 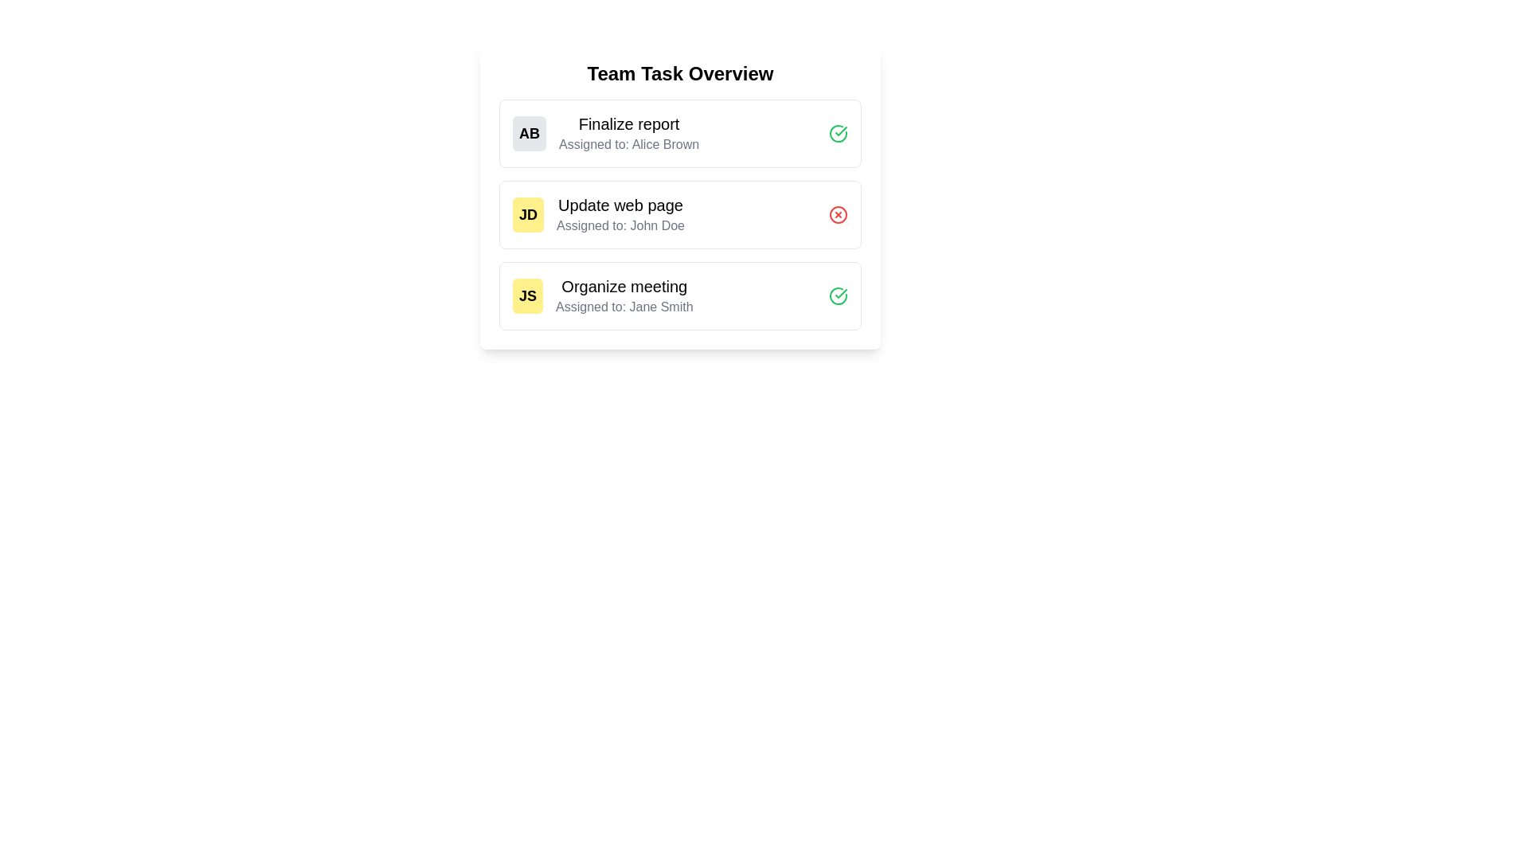 What do you see at coordinates (598, 215) in the screenshot?
I see `the task item in the task management interface that displays the task title and the assigned person, which is the second item in the vertically stacked list` at bounding box center [598, 215].